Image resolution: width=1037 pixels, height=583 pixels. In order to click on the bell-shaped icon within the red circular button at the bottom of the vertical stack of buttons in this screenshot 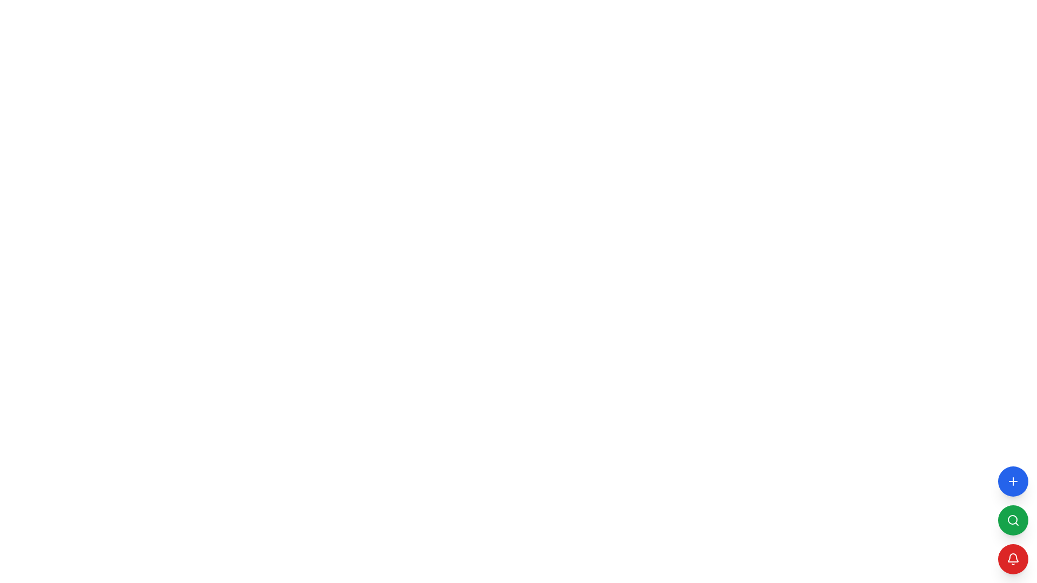, I will do `click(1013, 558)`.